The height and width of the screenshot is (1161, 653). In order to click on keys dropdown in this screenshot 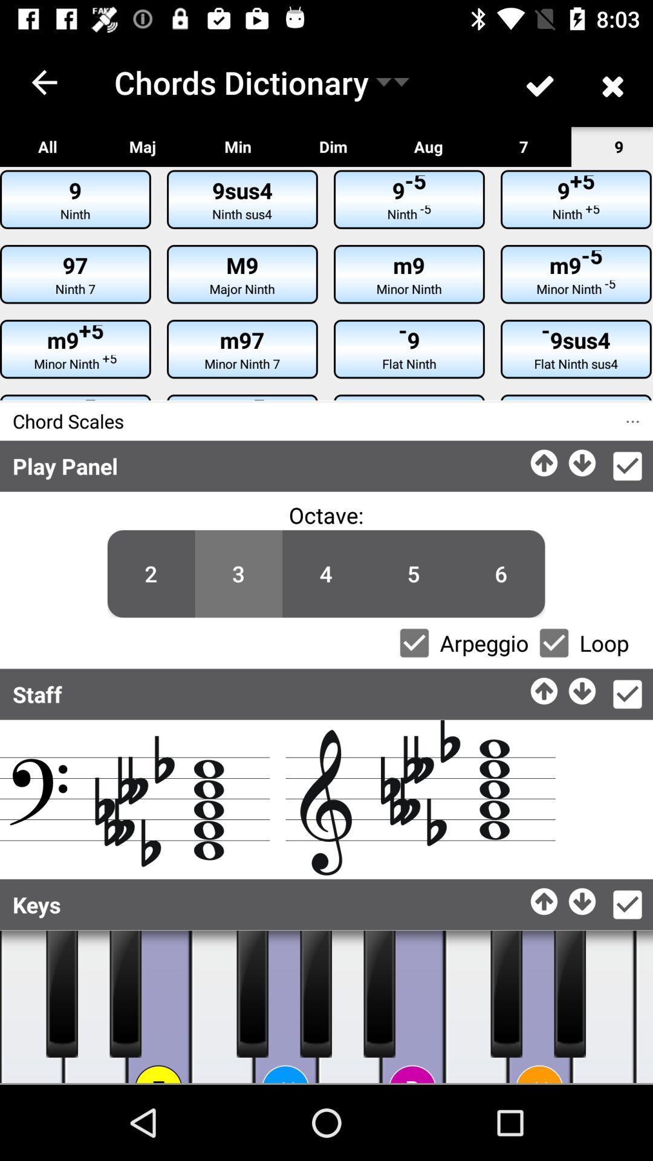, I will do `click(626, 905)`.